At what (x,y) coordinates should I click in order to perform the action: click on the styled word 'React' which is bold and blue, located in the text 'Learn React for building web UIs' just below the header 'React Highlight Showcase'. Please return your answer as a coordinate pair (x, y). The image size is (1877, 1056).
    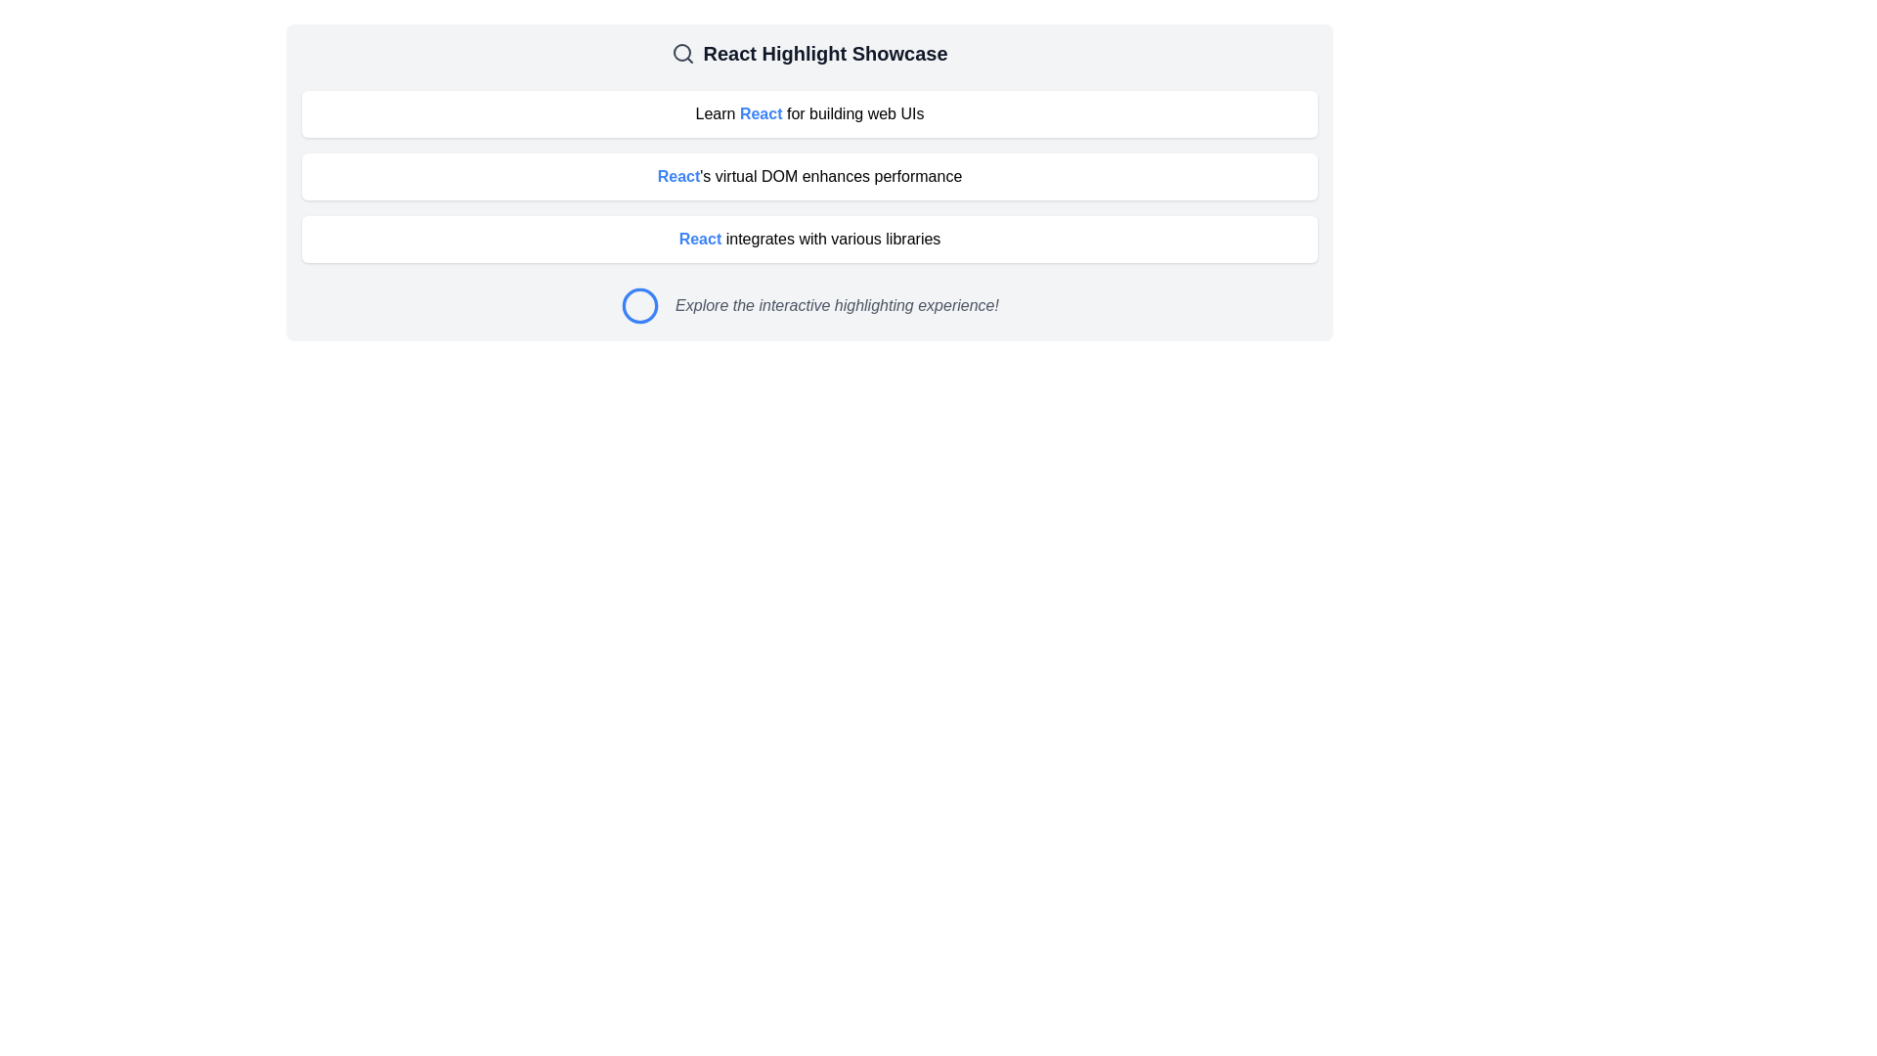
    Looking at the image, I should click on (760, 113).